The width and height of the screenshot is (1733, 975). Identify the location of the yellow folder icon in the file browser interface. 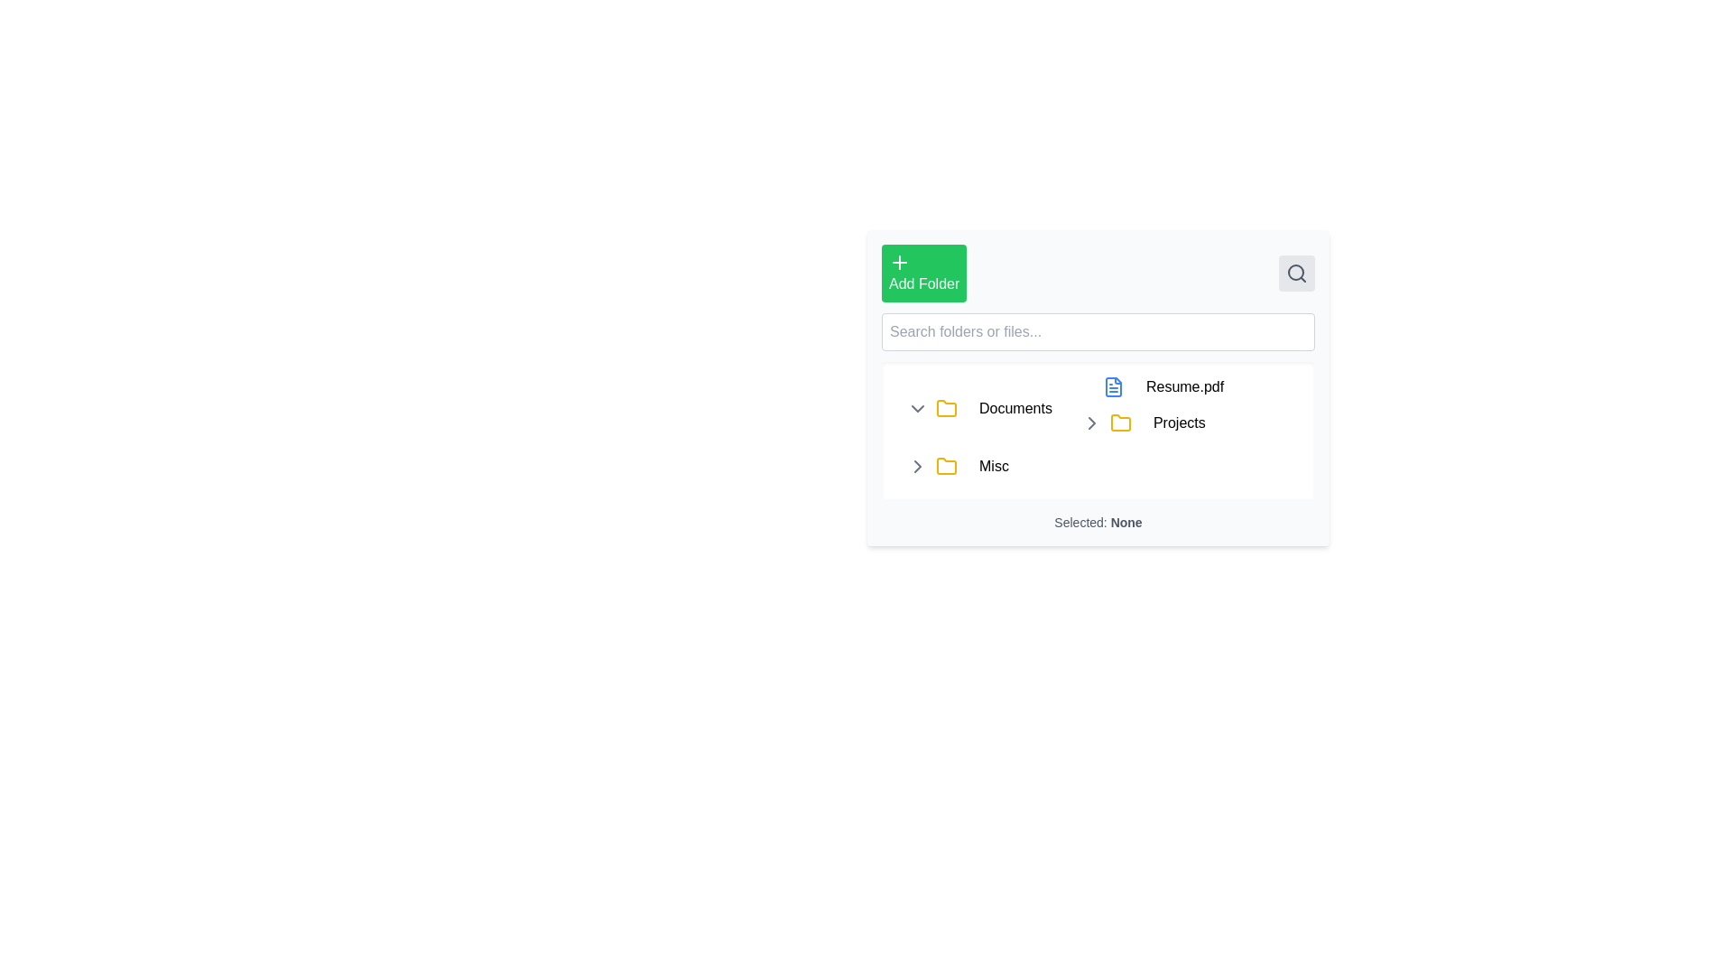
(946, 408).